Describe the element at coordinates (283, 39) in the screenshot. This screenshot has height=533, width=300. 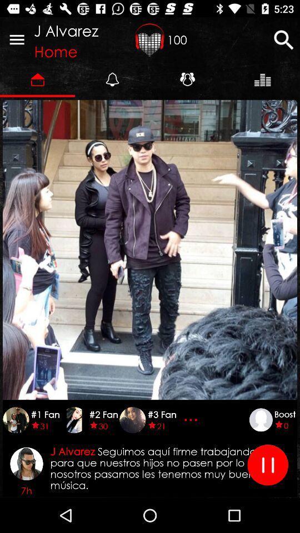
I see `search` at that location.